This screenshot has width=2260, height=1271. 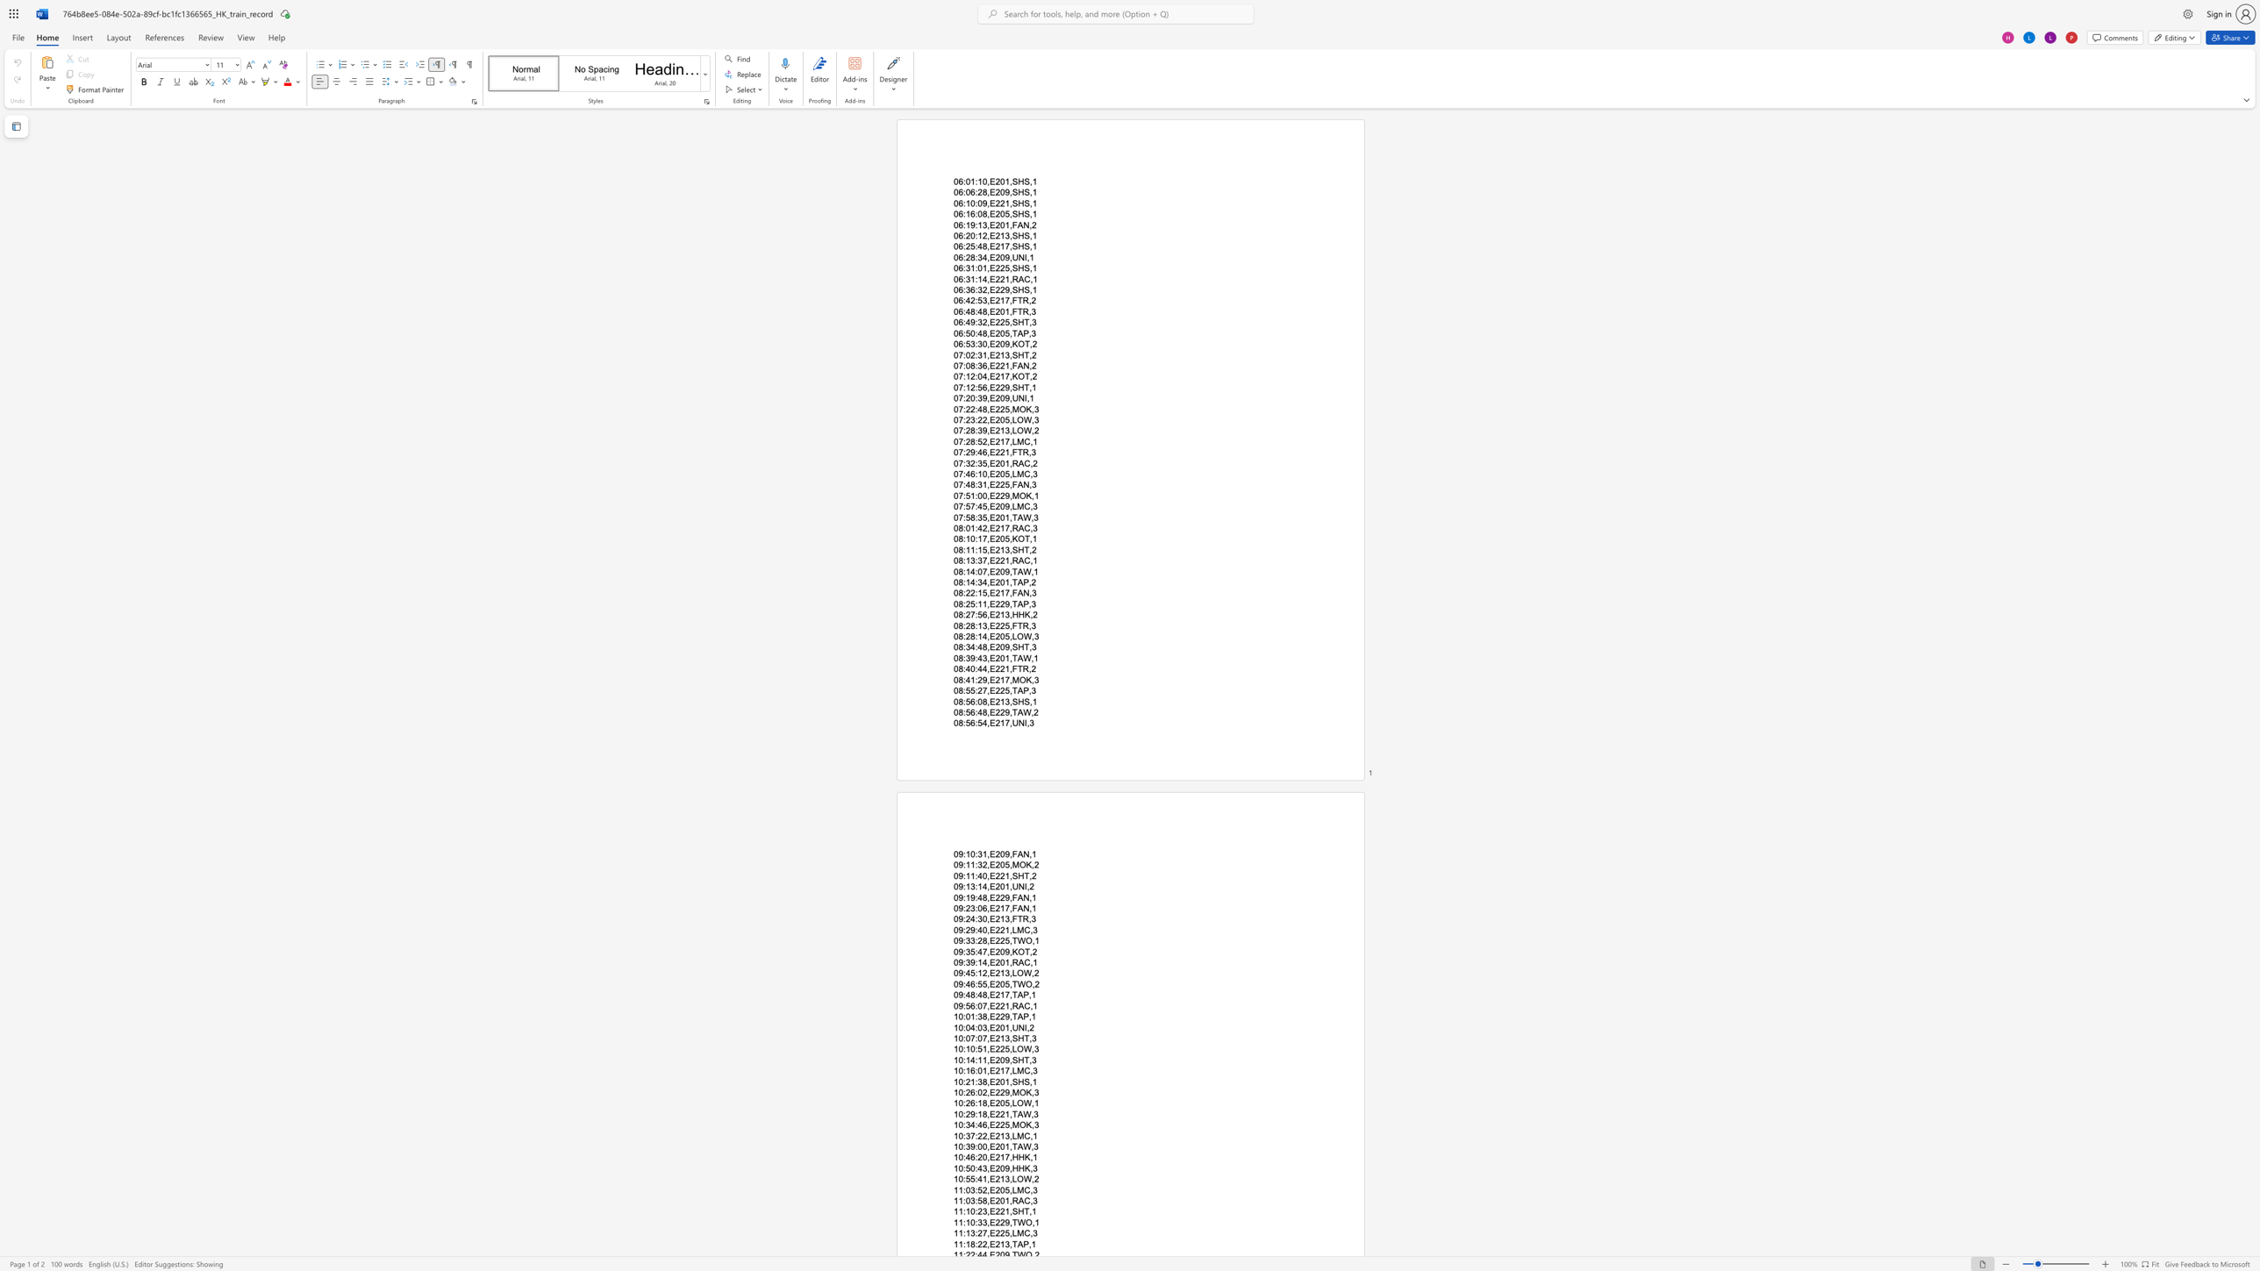 What do you see at coordinates (975, 419) in the screenshot?
I see `the subset text ":22,E20" within the text "07:23:22,E205,LOW,3"` at bounding box center [975, 419].